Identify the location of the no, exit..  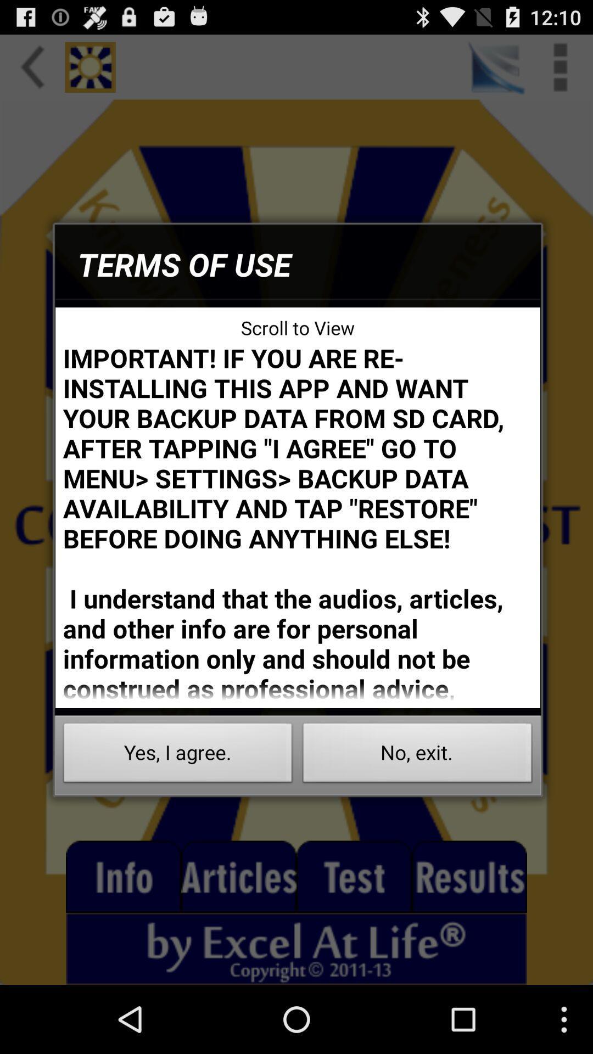
(417, 755).